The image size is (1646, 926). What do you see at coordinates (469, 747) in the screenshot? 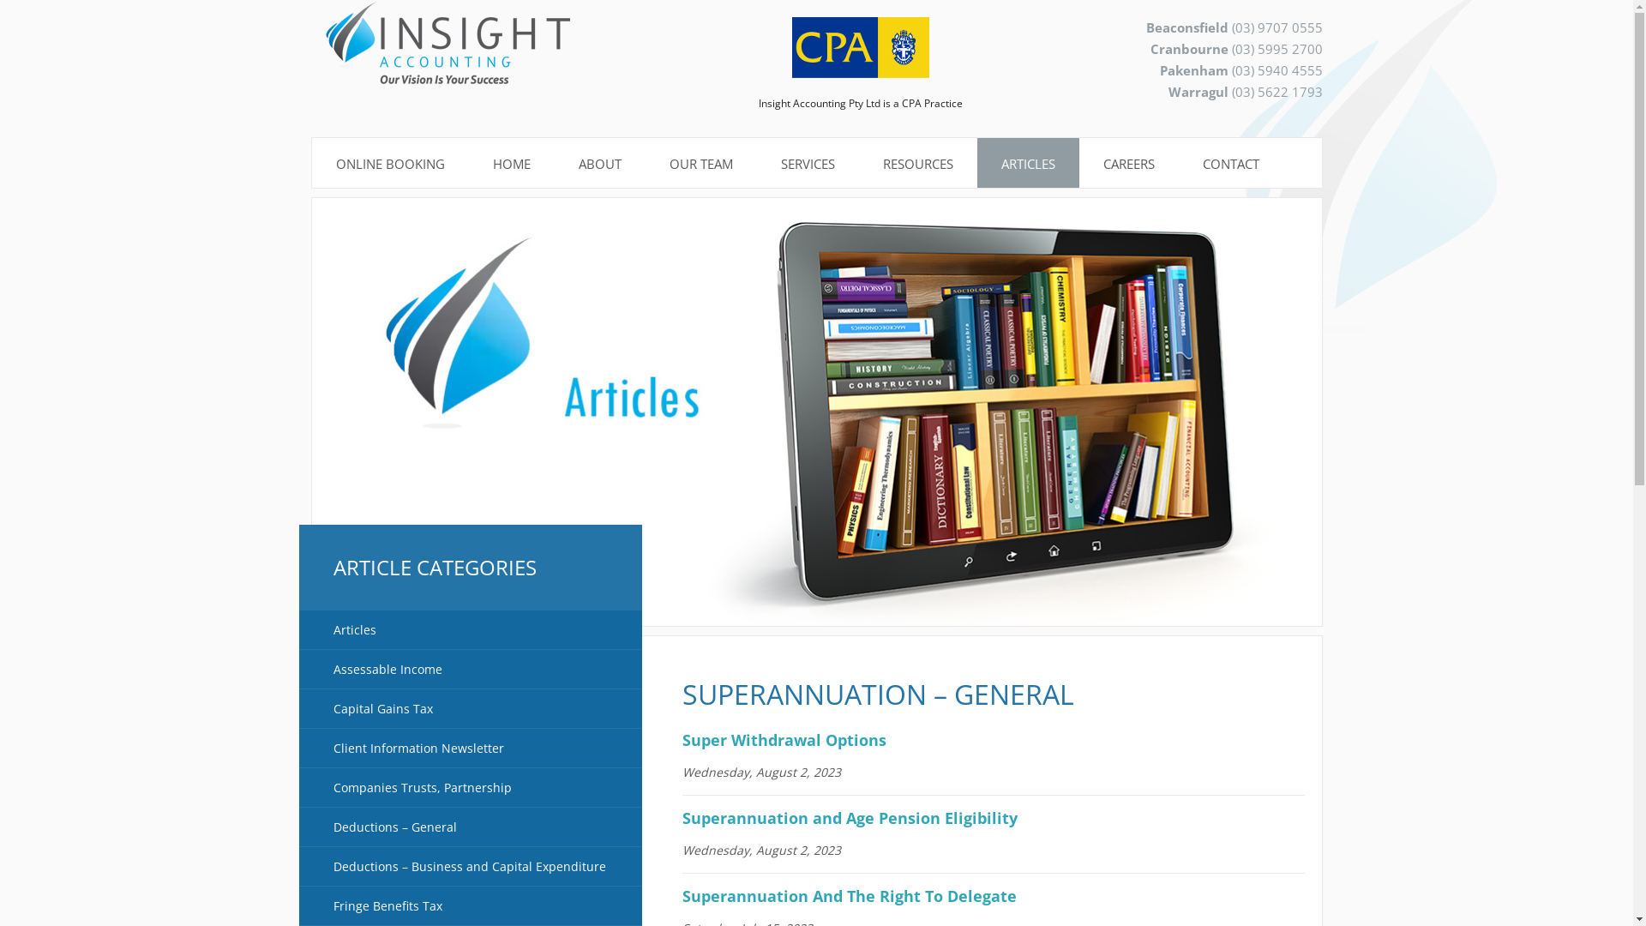
I see `'Client Information Newsletter'` at bounding box center [469, 747].